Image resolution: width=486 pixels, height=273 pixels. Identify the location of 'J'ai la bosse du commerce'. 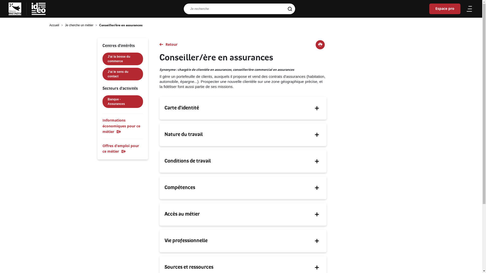
(123, 58).